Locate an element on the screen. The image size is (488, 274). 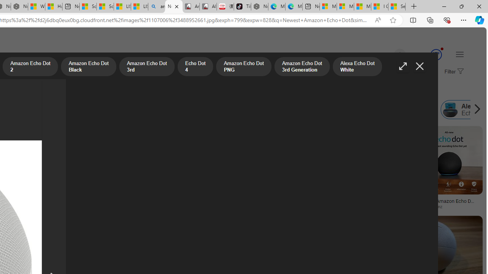
'Filter' is located at coordinates (453, 72).